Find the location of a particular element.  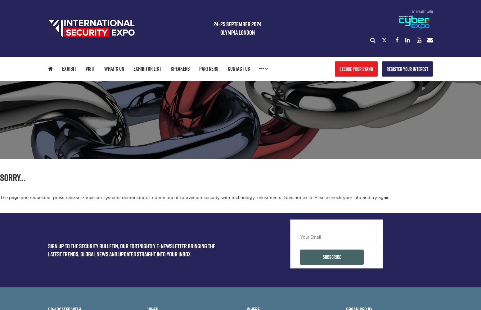

'DEMONSTRATIONS' is located at coordinates (134, 145).